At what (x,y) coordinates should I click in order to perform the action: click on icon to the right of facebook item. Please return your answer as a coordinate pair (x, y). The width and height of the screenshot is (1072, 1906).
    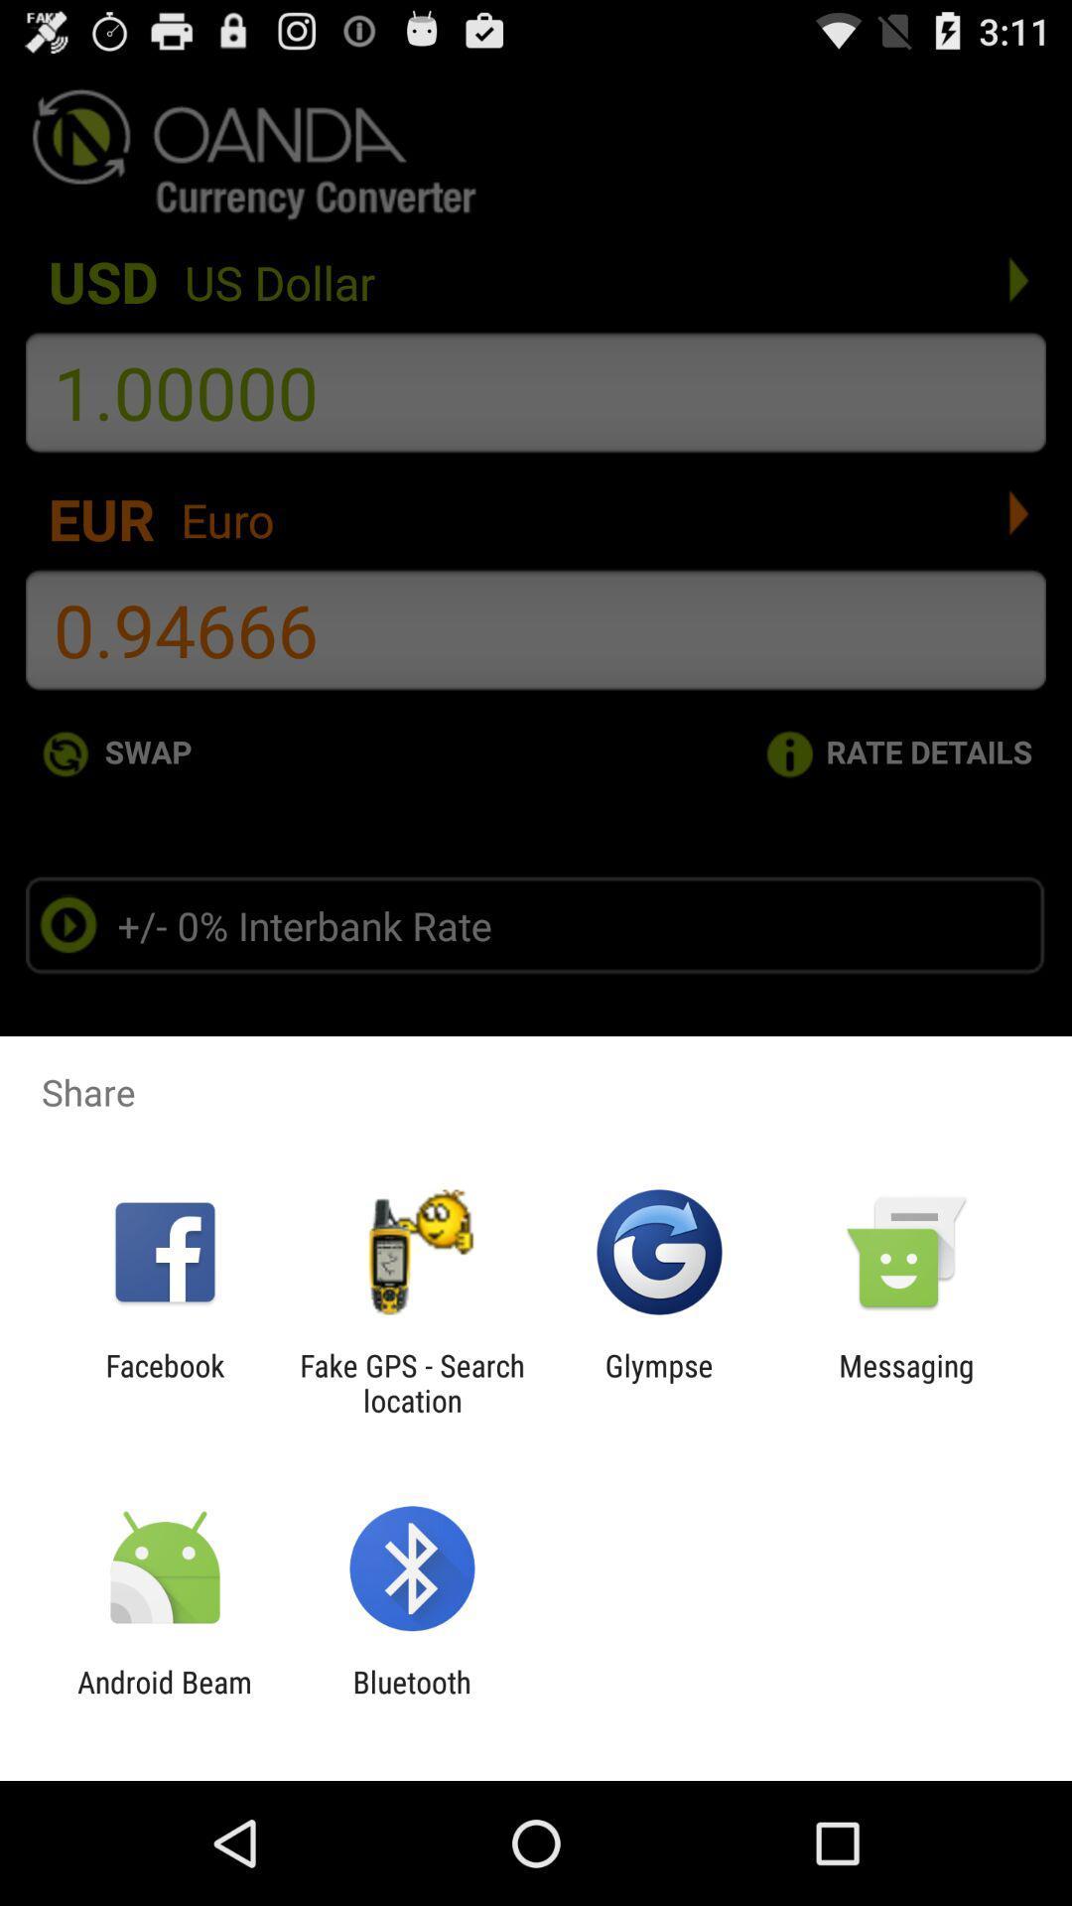
    Looking at the image, I should click on (411, 1382).